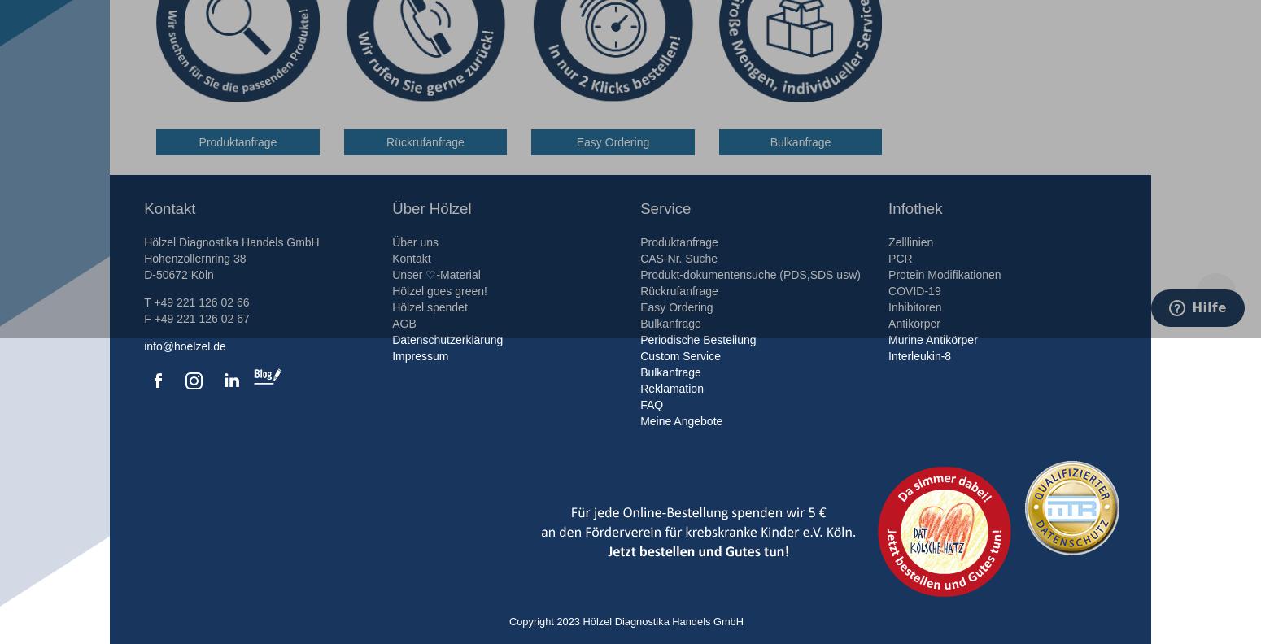 The width and height of the screenshot is (1261, 644). Describe the element at coordinates (430, 208) in the screenshot. I see `'Über Hölzel'` at that location.